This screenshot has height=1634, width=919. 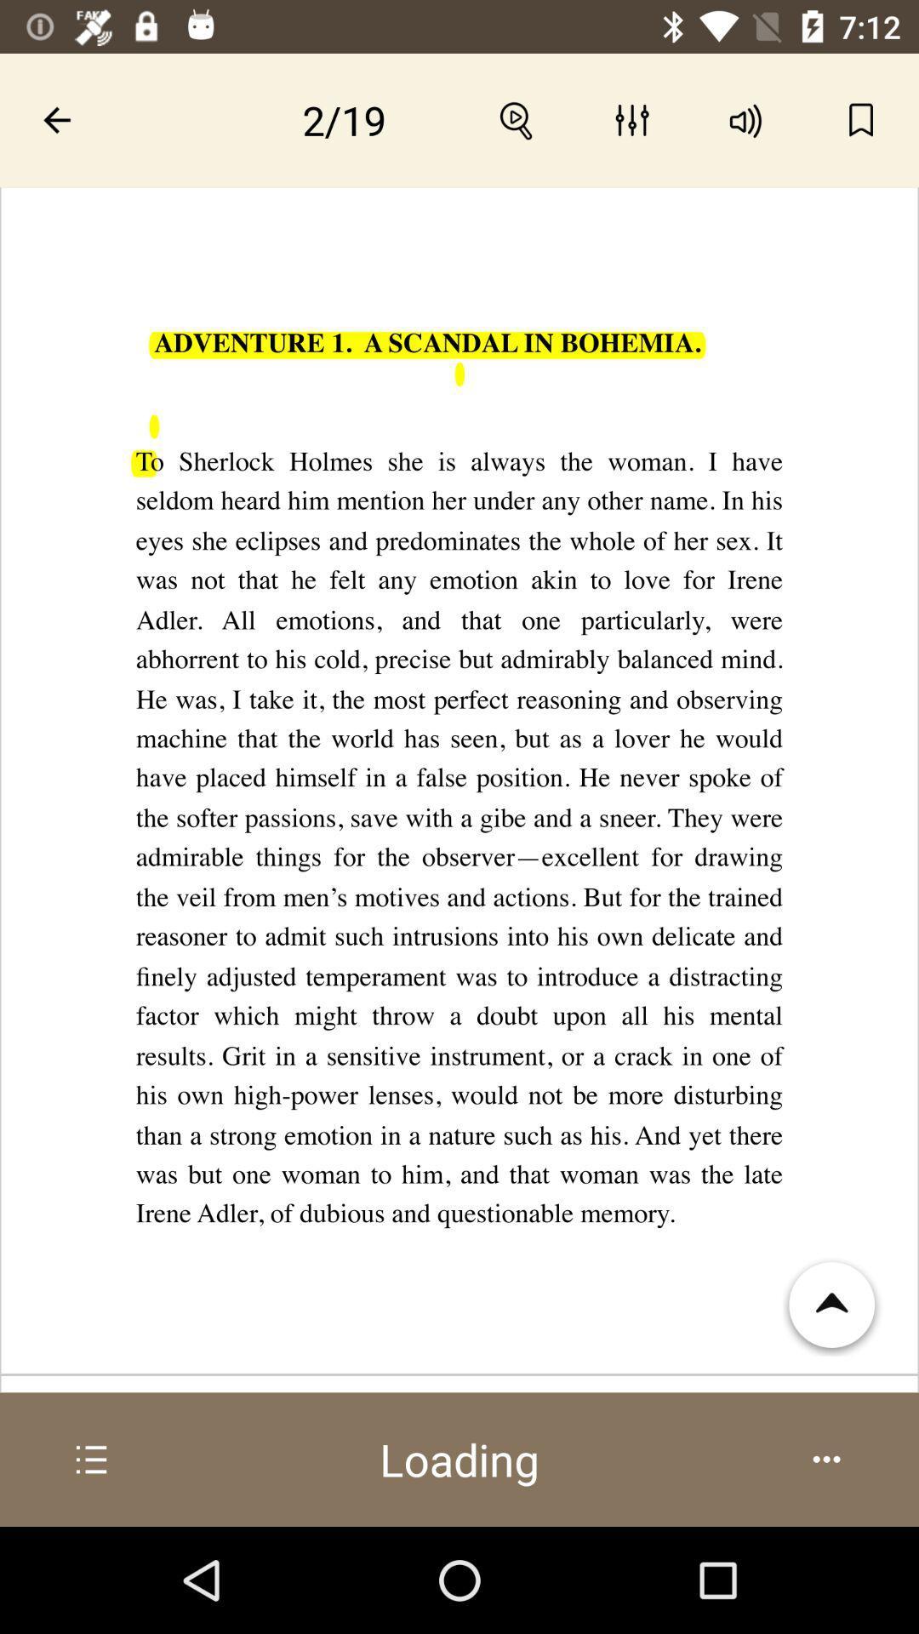 I want to click on zoom in-out option, so click(x=516, y=119).